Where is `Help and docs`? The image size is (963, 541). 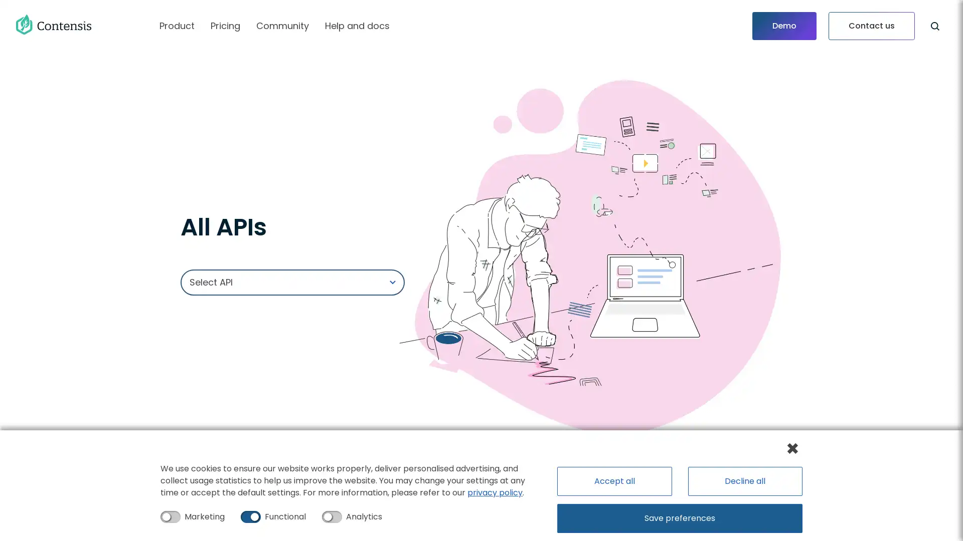
Help and docs is located at coordinates (357, 25).